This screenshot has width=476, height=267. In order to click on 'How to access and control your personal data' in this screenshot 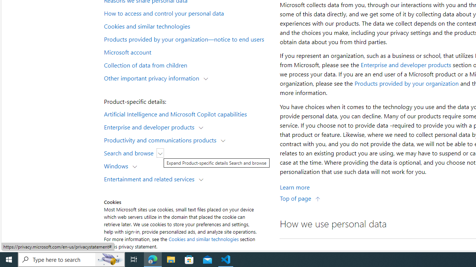, I will do `click(187, 13)`.